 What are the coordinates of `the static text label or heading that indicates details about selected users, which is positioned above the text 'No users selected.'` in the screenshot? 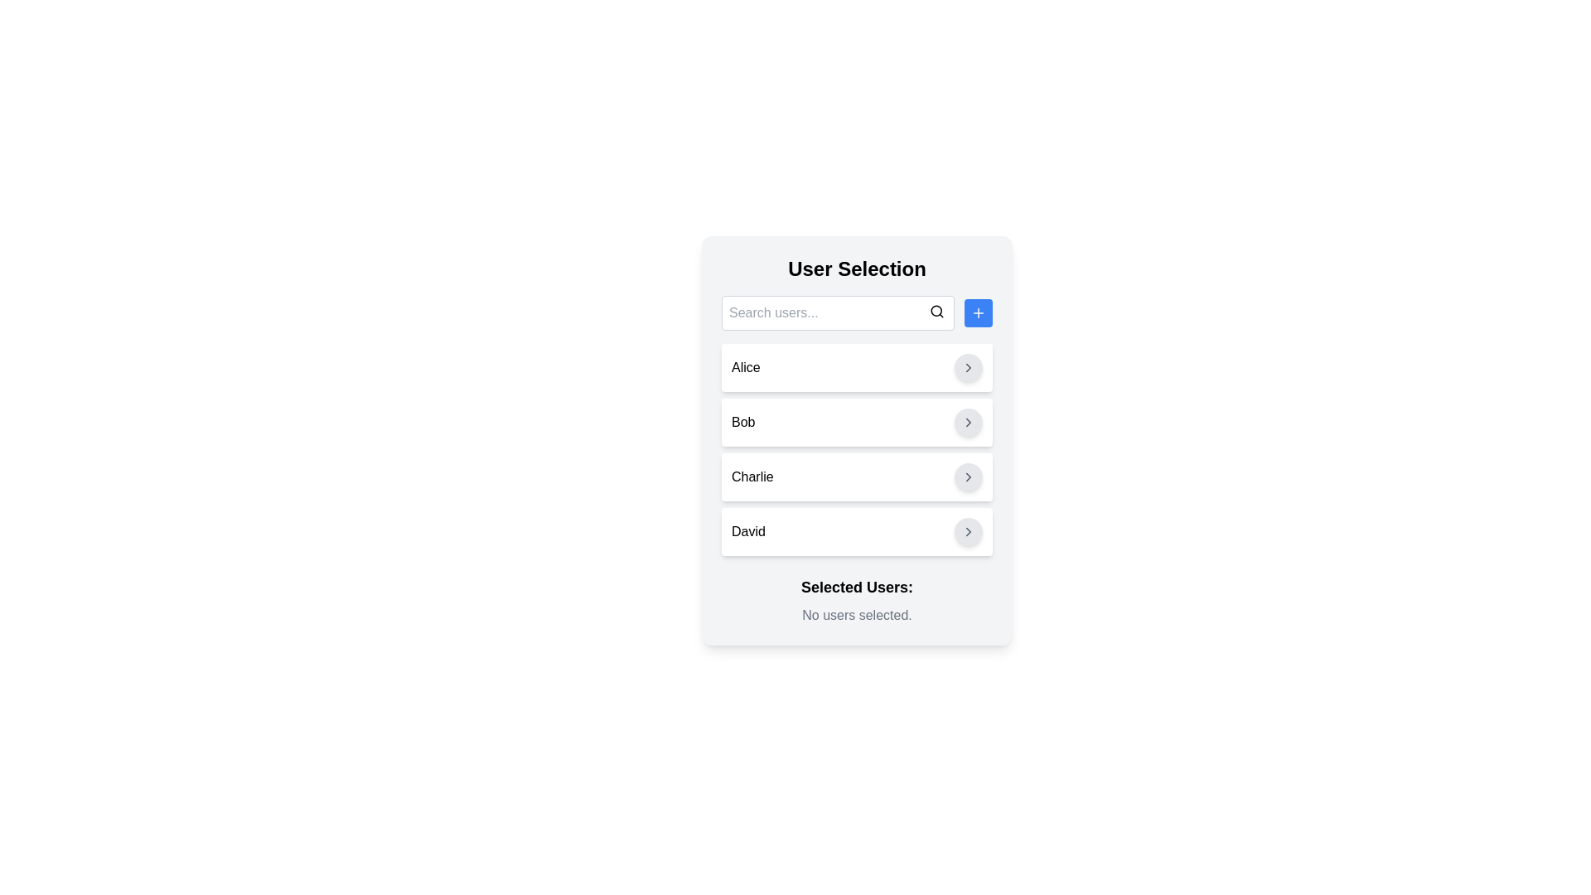 It's located at (857, 587).